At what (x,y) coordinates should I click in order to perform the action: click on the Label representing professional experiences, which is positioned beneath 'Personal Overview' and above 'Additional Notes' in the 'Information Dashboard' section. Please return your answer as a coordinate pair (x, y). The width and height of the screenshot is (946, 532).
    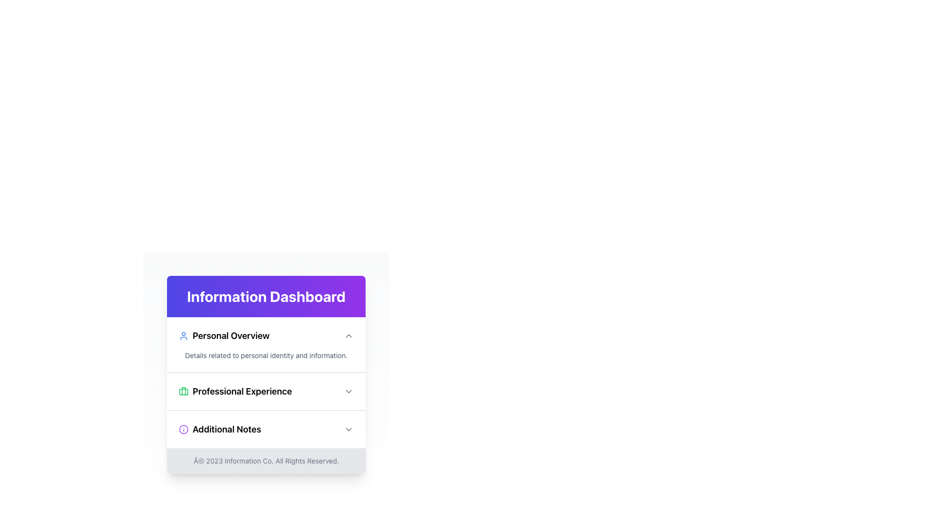
    Looking at the image, I should click on (266, 391).